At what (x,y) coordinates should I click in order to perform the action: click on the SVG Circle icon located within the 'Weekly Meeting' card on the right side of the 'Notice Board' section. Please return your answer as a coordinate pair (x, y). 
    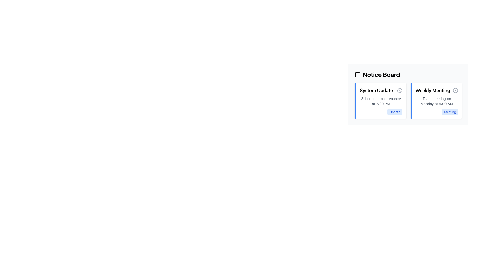
    Looking at the image, I should click on (456, 90).